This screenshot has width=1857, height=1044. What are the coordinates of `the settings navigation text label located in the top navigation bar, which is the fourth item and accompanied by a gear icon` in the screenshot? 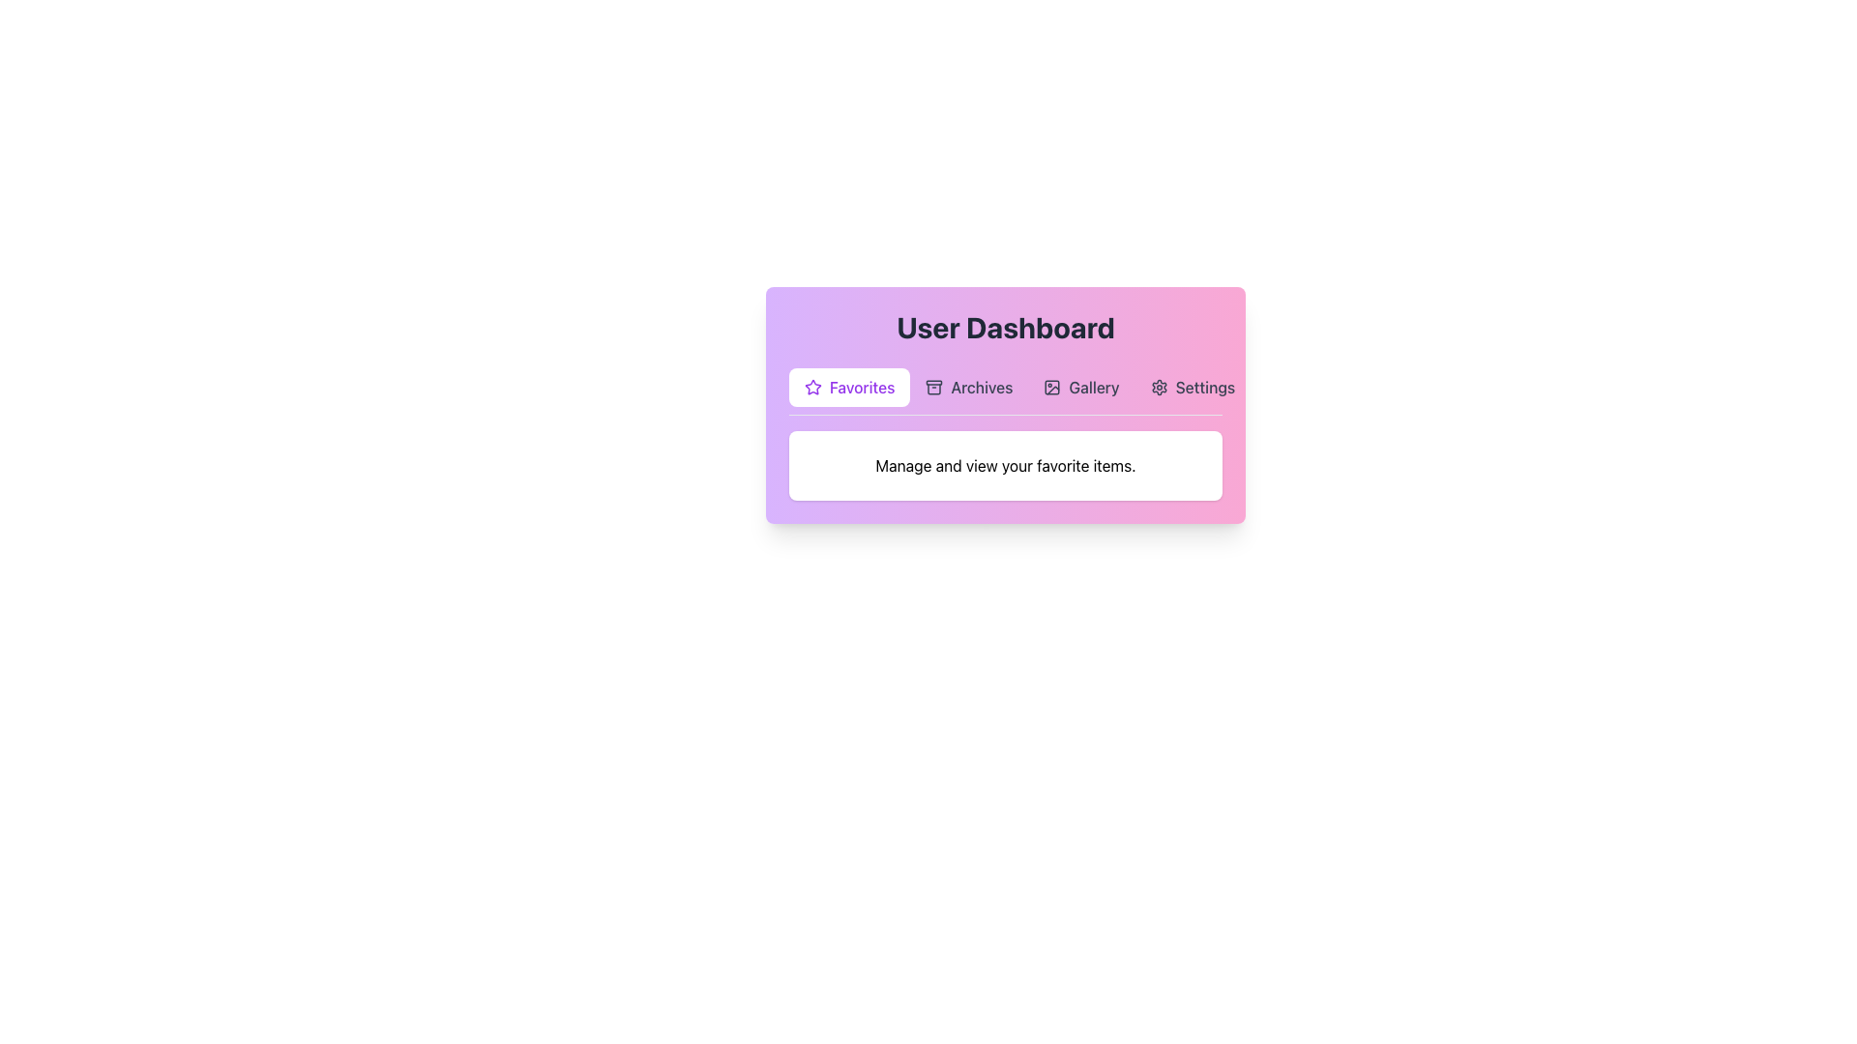 It's located at (1204, 388).